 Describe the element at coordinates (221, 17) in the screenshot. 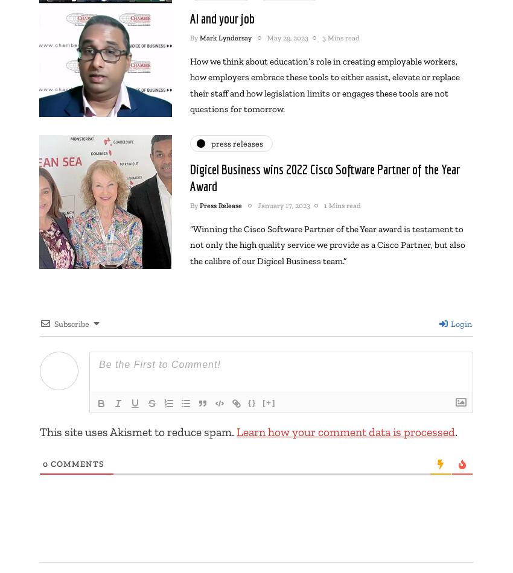

I see `'AI and your job'` at that location.